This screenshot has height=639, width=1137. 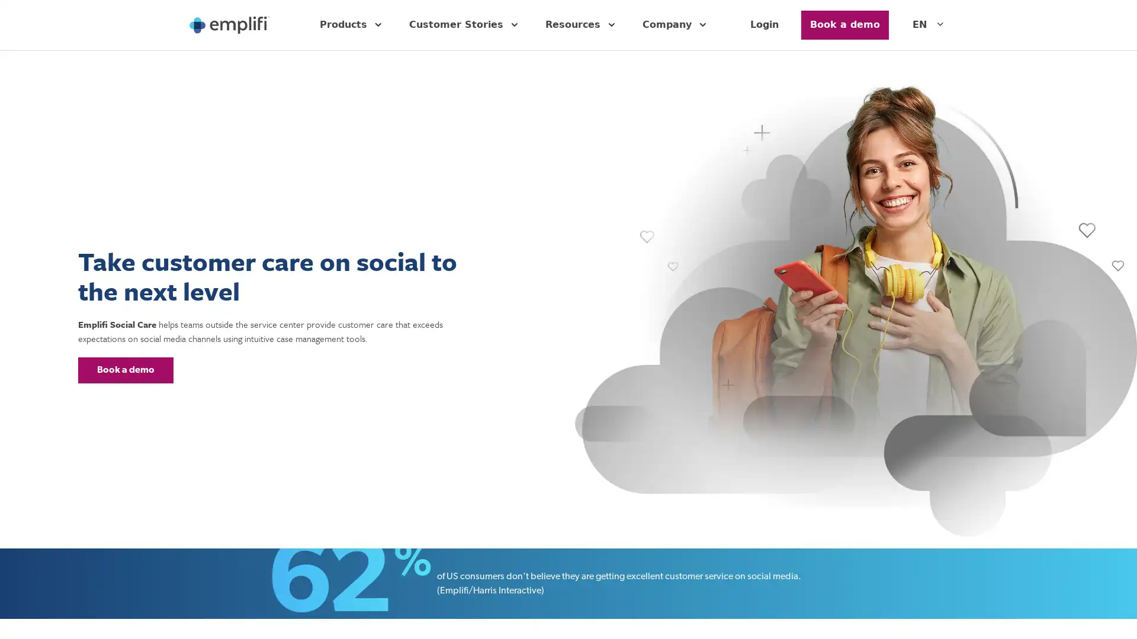 I want to click on Button, so click(x=844, y=25).